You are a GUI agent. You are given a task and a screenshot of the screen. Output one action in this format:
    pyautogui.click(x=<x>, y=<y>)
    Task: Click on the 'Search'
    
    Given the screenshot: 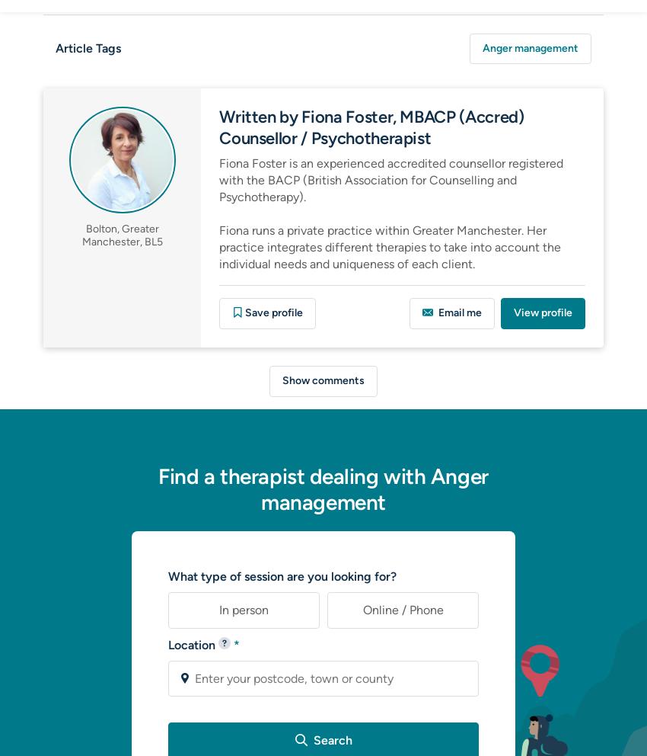 What is the action you would take?
    pyautogui.click(x=330, y=739)
    